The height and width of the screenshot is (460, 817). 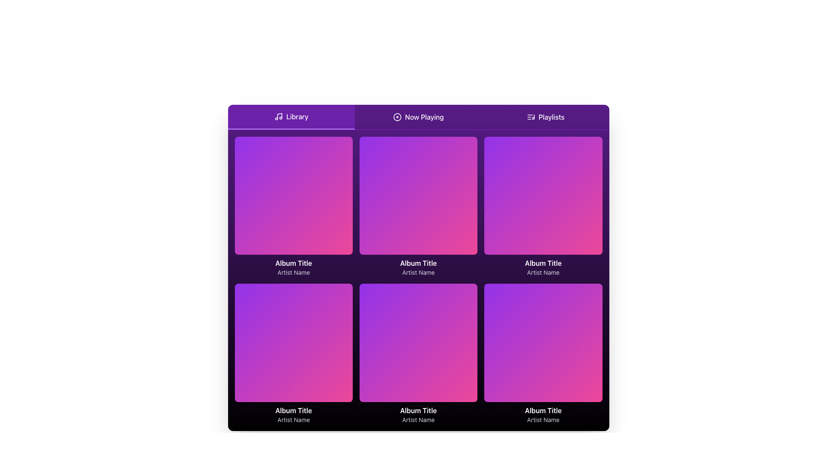 What do you see at coordinates (418, 342) in the screenshot?
I see `the square-shaped background element with rounded corners that has a gradient from purple to pink, located in the center of the bottom row of a grid layout` at bounding box center [418, 342].